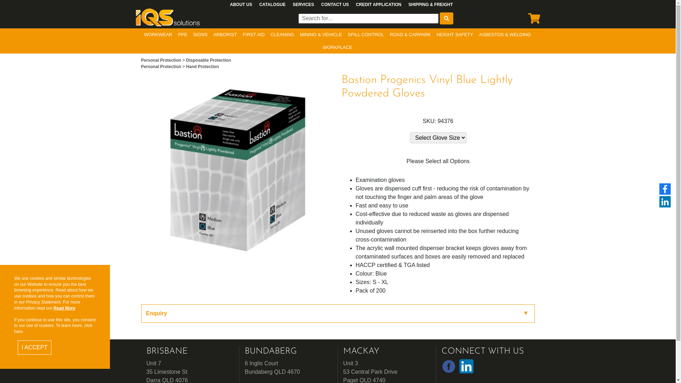 This screenshot has height=383, width=681. I want to click on 'Read More', so click(64, 307).